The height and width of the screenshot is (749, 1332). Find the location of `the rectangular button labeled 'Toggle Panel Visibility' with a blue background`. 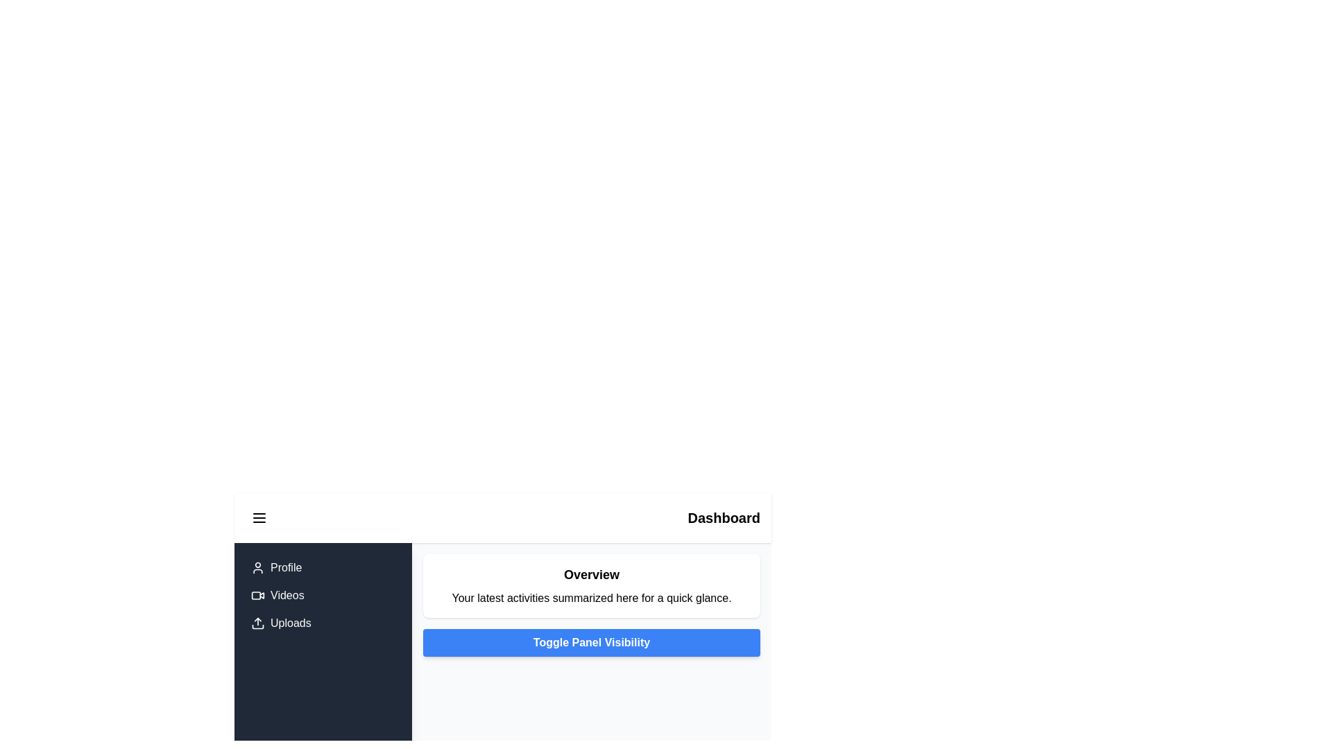

the rectangular button labeled 'Toggle Panel Visibility' with a blue background is located at coordinates (592, 642).